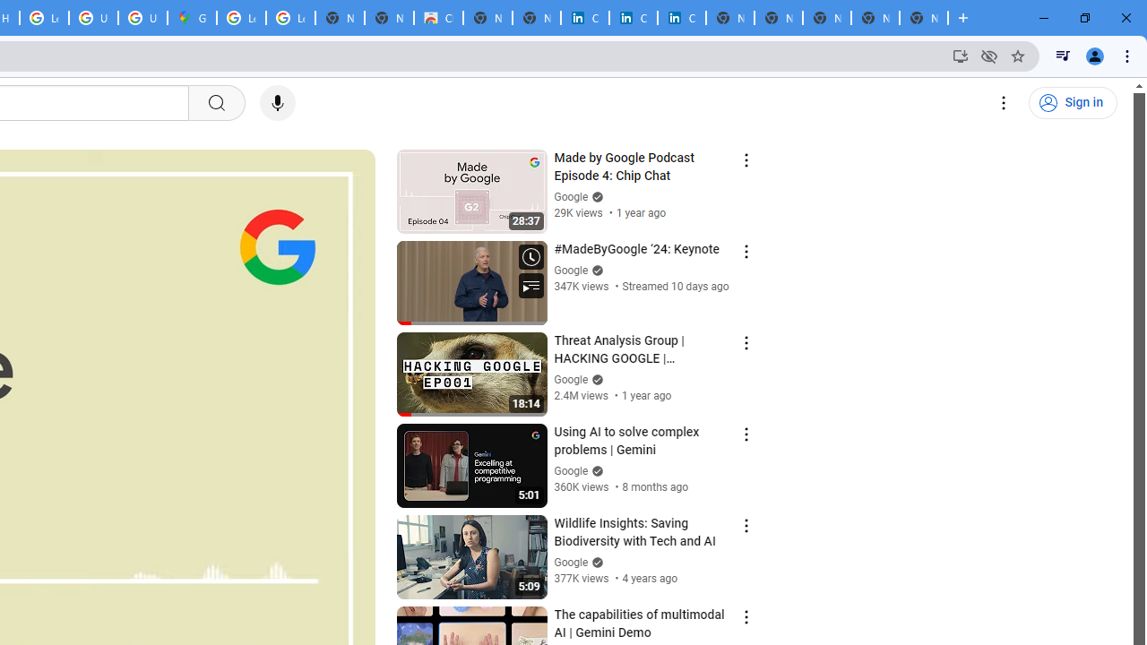  Describe the element at coordinates (633, 18) in the screenshot. I see `'Cookie Policy | LinkedIn'` at that location.